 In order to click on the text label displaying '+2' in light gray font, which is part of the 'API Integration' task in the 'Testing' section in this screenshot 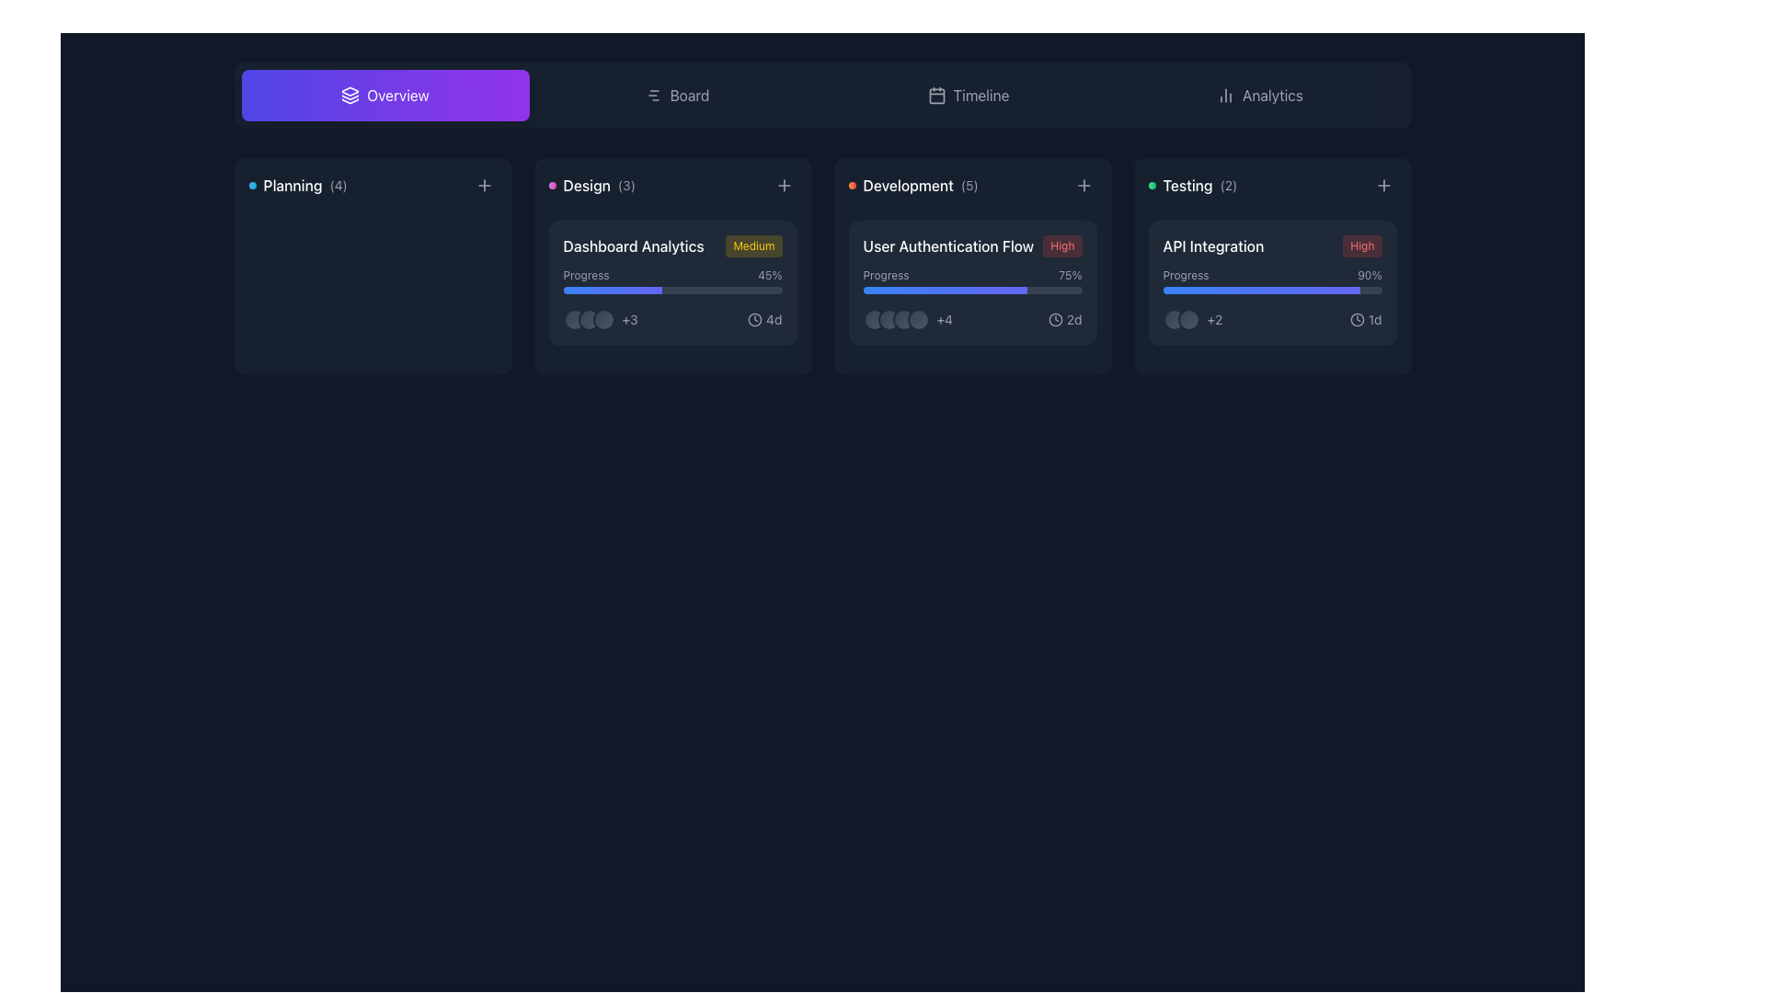, I will do `click(1192, 318)`.